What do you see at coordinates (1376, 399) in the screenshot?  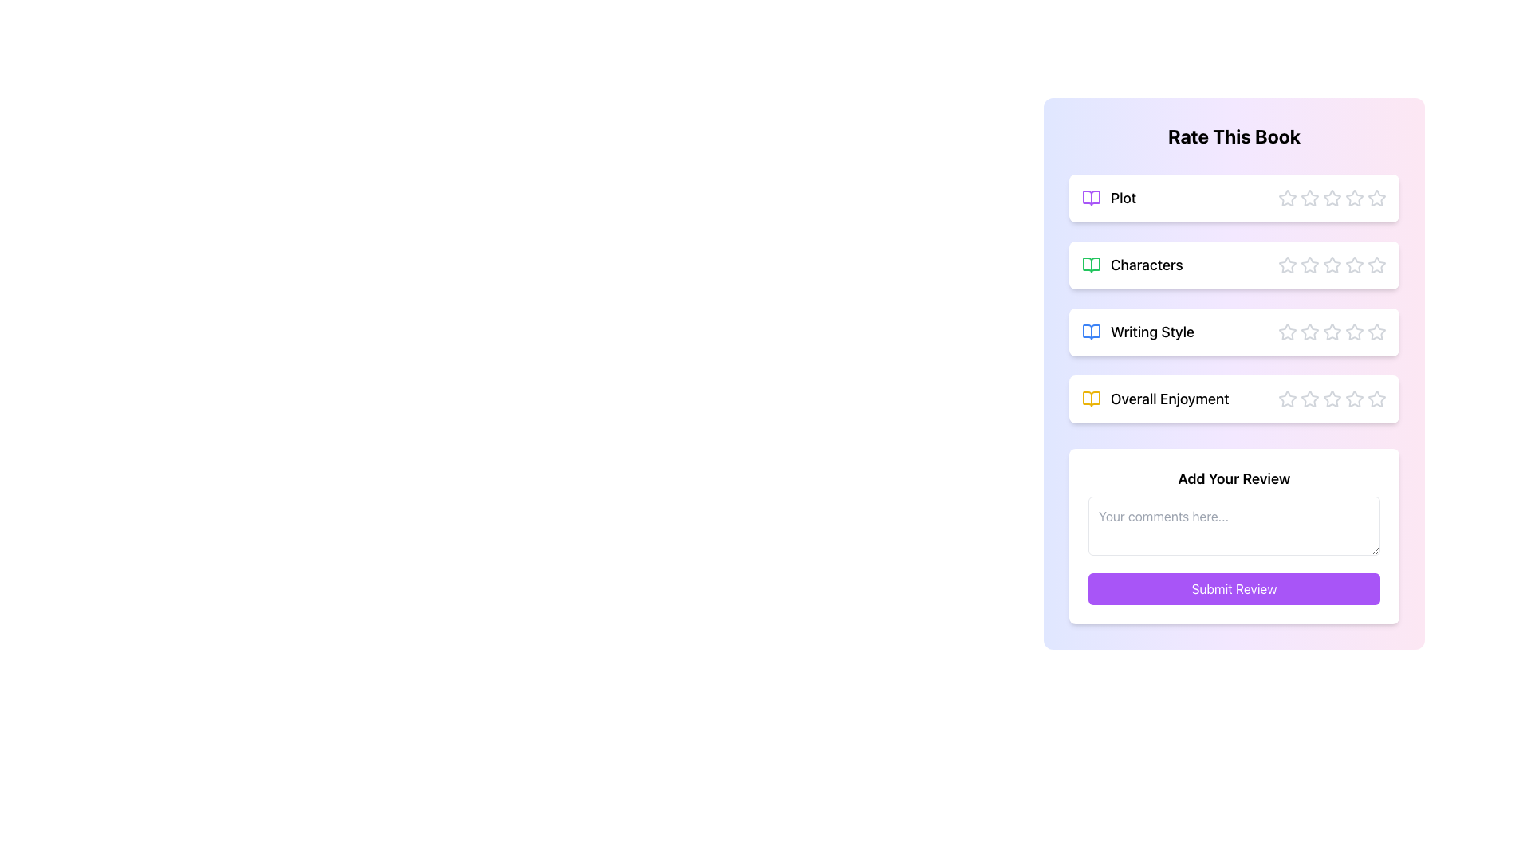 I see `the fifth star icon in the 'Overall Enjoyment' rating section, which is a gray five-pointed star icon with a minimalistic design` at bounding box center [1376, 399].